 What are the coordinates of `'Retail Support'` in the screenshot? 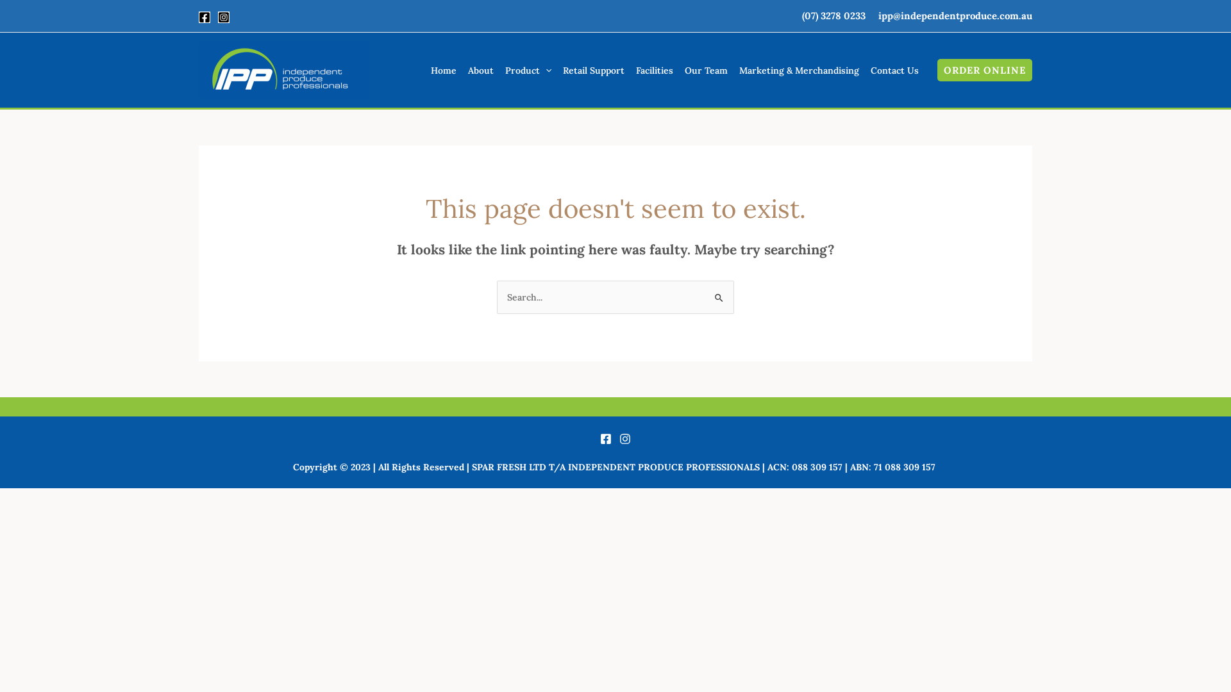 It's located at (593, 70).